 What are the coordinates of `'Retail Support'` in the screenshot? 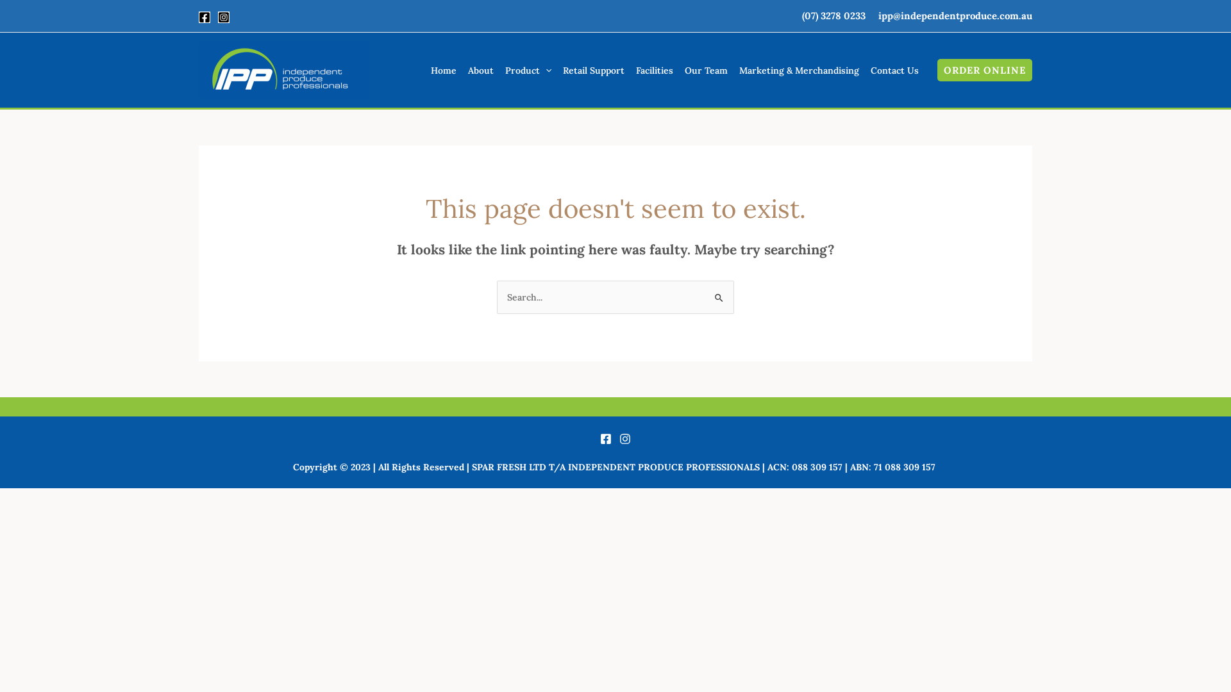 It's located at (593, 70).